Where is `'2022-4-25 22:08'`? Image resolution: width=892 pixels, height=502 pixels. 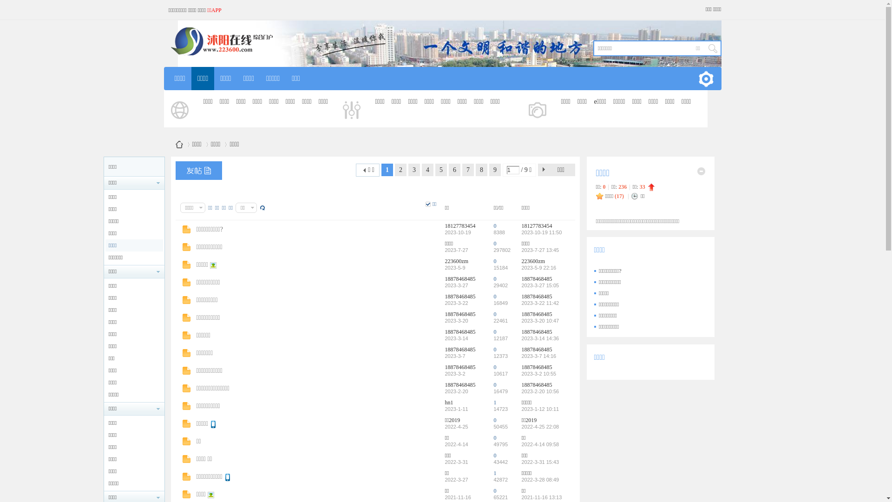
'2022-4-25 22:08' is located at coordinates (540, 427).